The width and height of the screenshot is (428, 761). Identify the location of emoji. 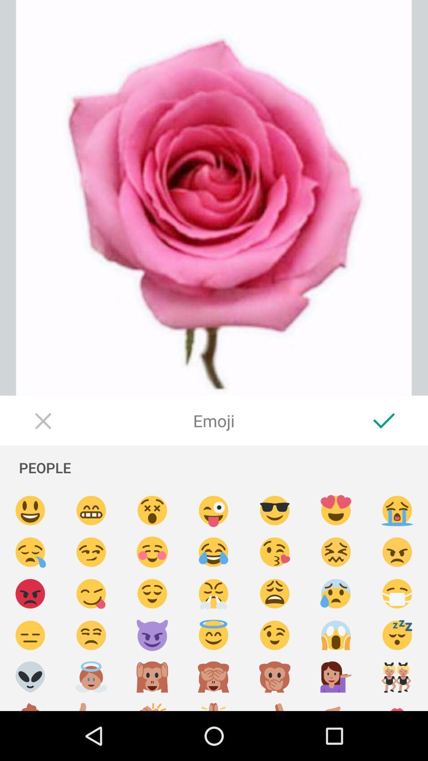
(91, 511).